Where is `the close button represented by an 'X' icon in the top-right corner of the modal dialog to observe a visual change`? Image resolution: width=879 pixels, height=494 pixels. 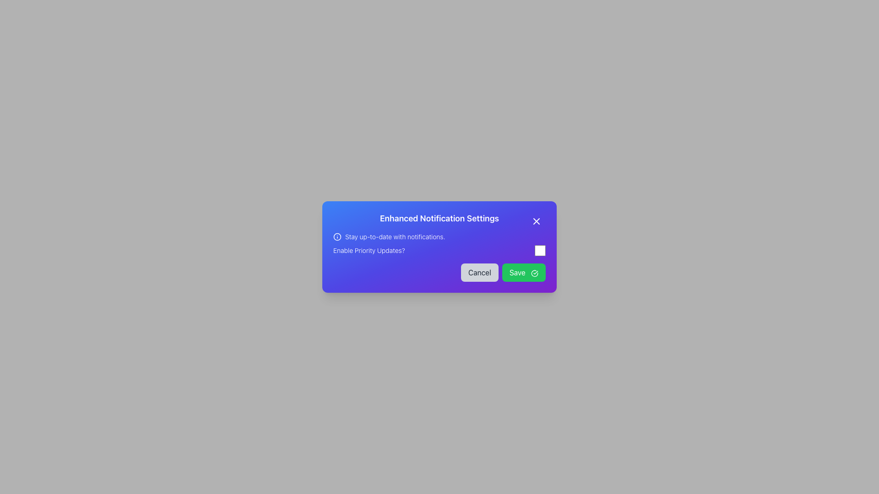
the close button represented by an 'X' icon in the top-right corner of the modal dialog to observe a visual change is located at coordinates (536, 221).